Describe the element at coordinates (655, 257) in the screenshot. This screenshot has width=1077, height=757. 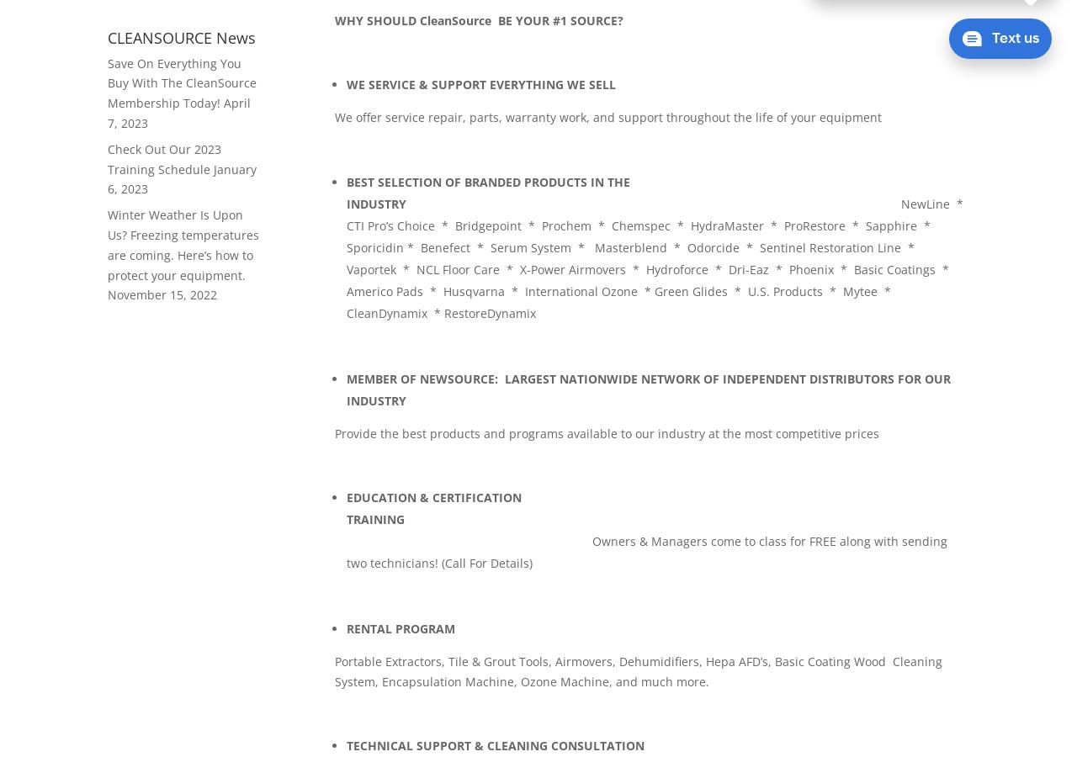
I see `'NewLine  *  CTI Pro’s Choice  *  Bridgepoint  *  Prochem  *  Chemspec  *  HydraMaster  *  ProRestore  *  Sapphire  *  Sporicidin *  Benefect  *  Serum System  *   Masterblend  *  Odorcide  *  Sentinel Restoration Line  *   Vaportek  *  NCL Floor Care  *  X-Power Airmovers  *  Hydroforce  *  Dri-Eaz  *  Phoenix  *  Basic Coatings  *  Americo Pads  *  Husqvarna  *  International Ozone  * Green Glides  *  U.S. Products  *  Mytee  *  CleanDynamix  * RestoreDynamix'` at that location.